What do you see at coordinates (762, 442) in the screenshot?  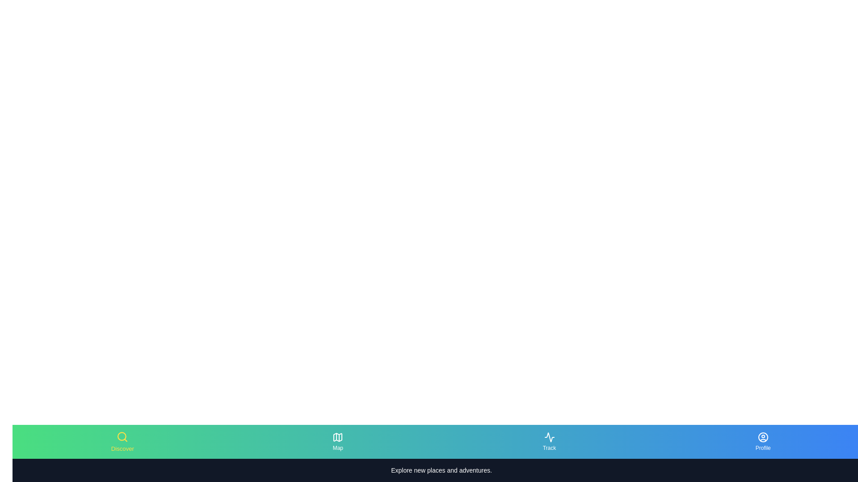 I see `the tab labeled Profile to navigate to its content` at bounding box center [762, 442].